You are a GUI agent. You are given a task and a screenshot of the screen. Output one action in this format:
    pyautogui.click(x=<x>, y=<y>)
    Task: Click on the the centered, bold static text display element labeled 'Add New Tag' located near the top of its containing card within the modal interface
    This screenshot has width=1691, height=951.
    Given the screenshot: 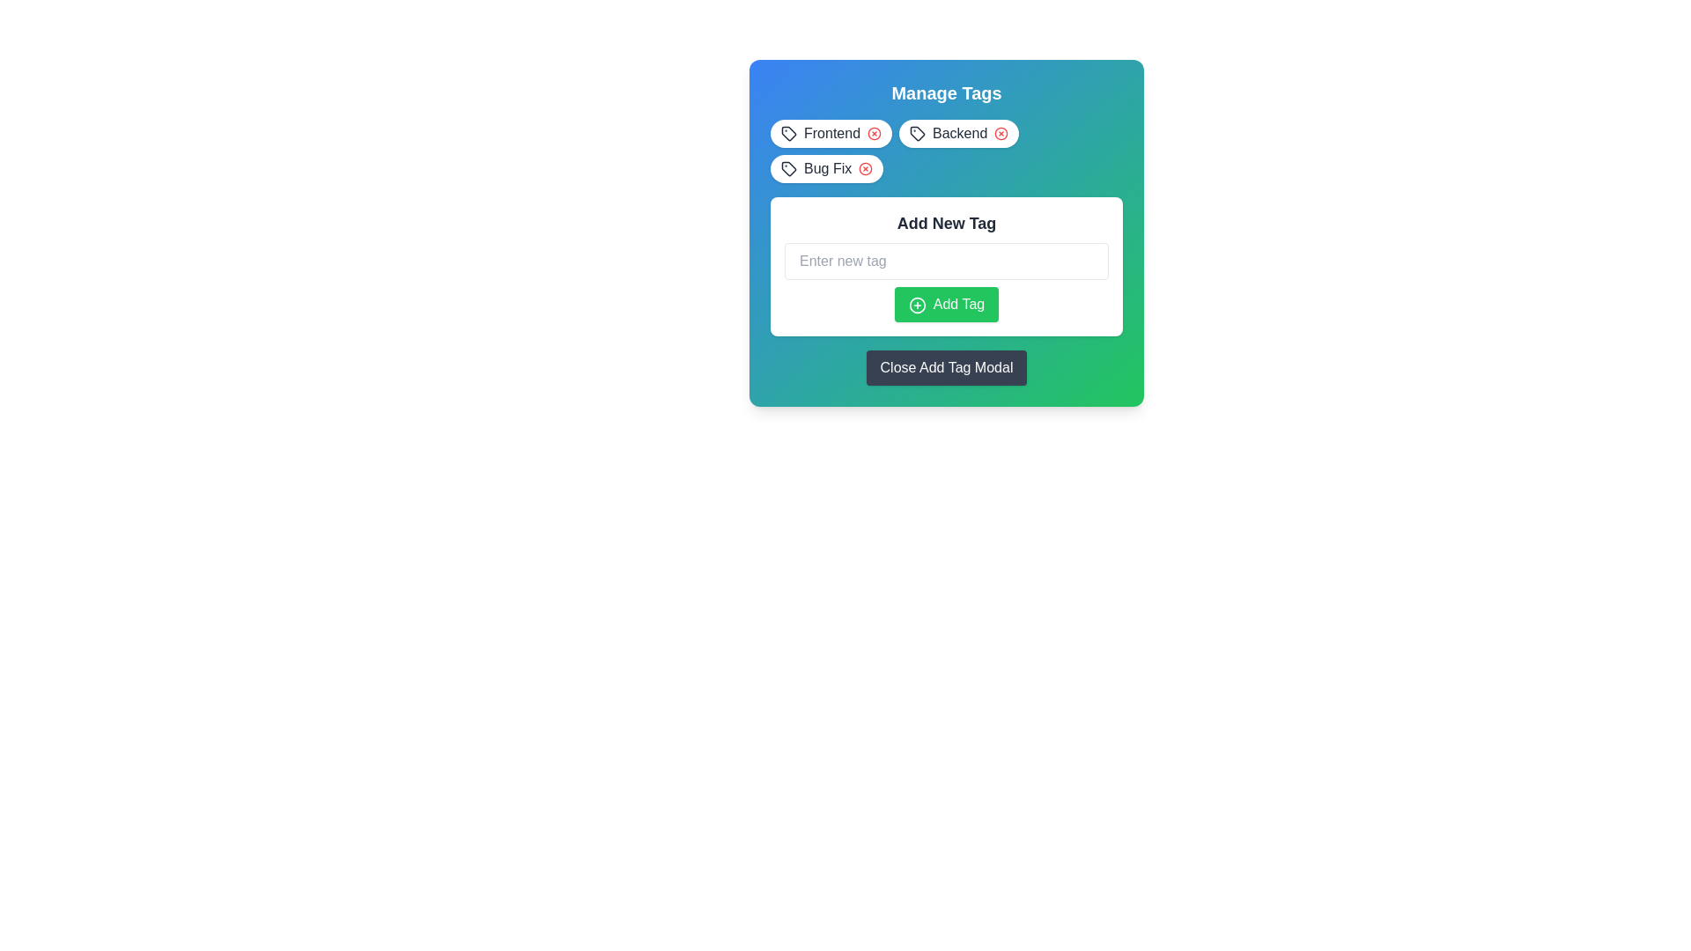 What is the action you would take?
    pyautogui.click(x=946, y=223)
    